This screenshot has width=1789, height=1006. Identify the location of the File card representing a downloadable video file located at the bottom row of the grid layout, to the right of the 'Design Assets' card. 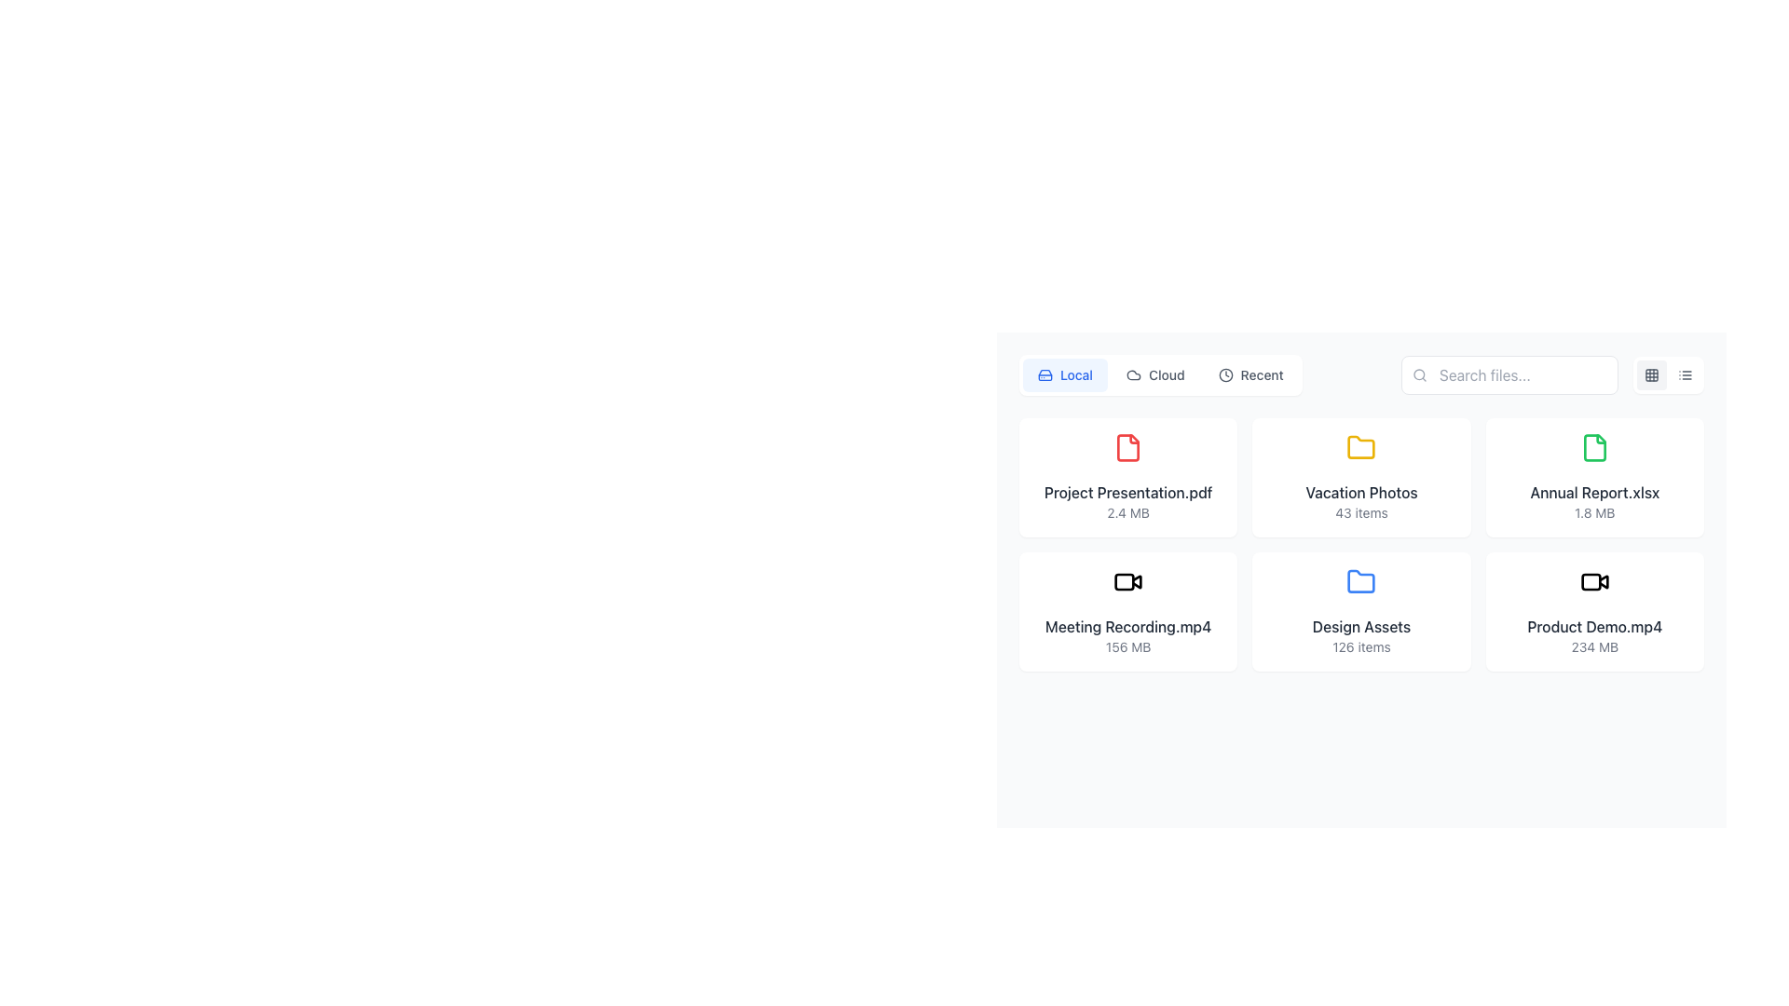
(1593, 611).